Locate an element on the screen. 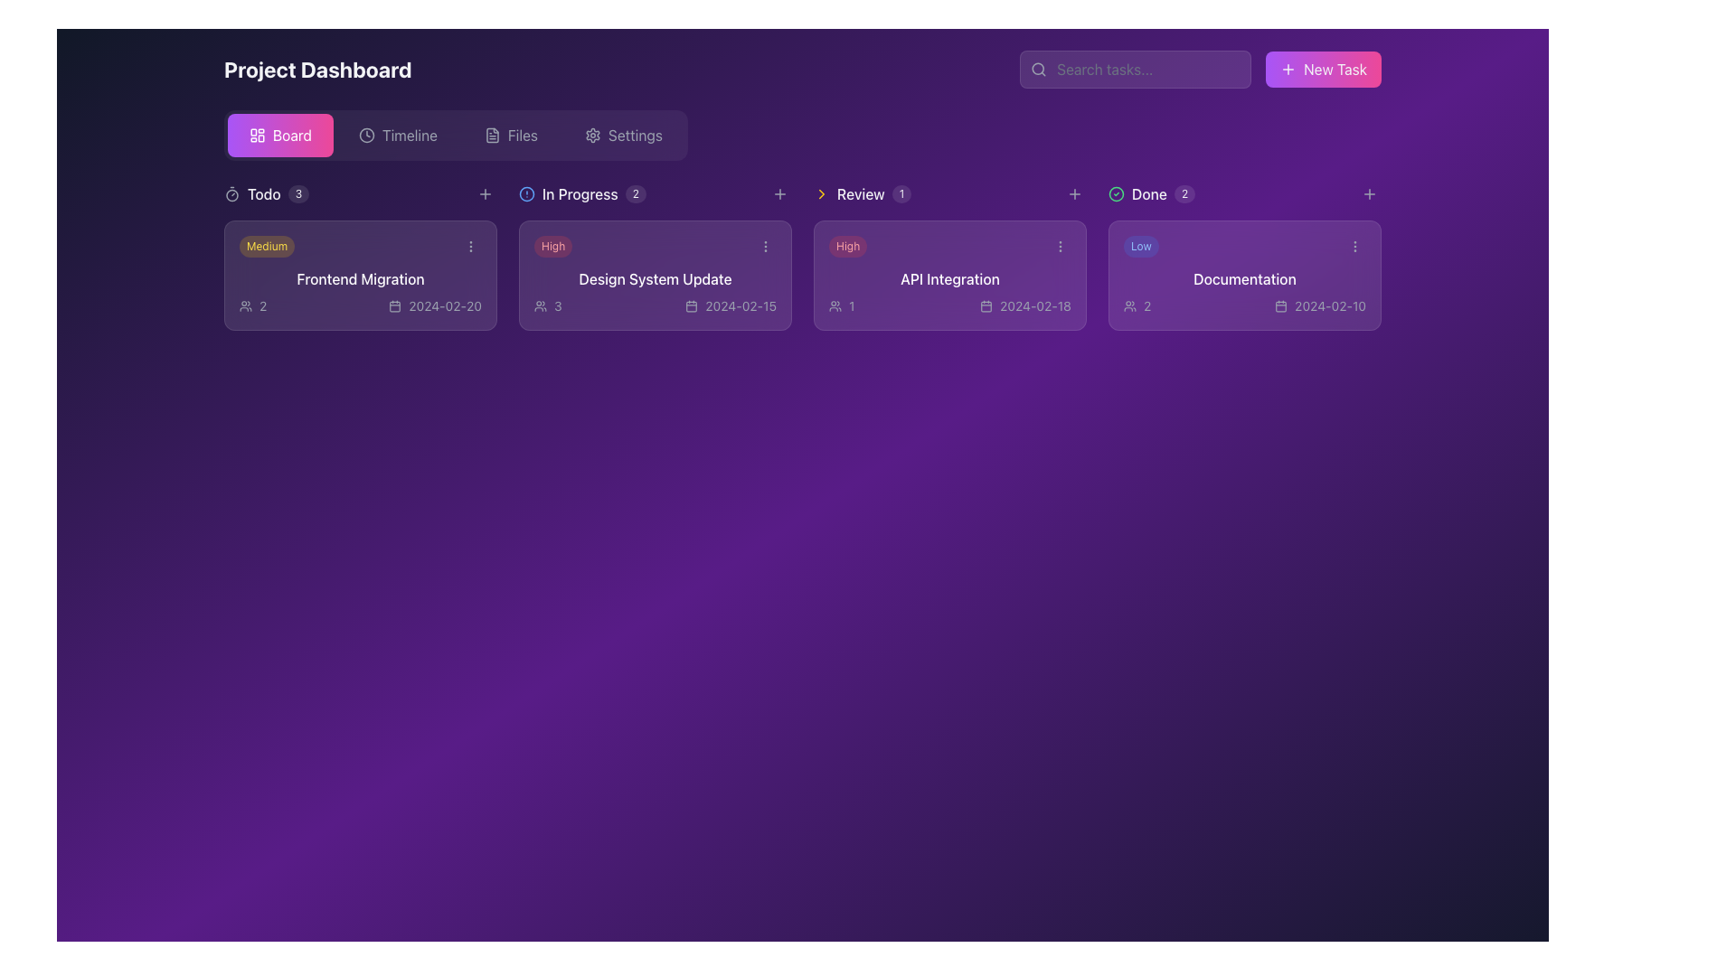 The height and width of the screenshot is (976, 1736). the interactive menu trigger button located in the upper-right corner of the 'Documentation' card in the 'Done' column is located at coordinates (1354, 247).